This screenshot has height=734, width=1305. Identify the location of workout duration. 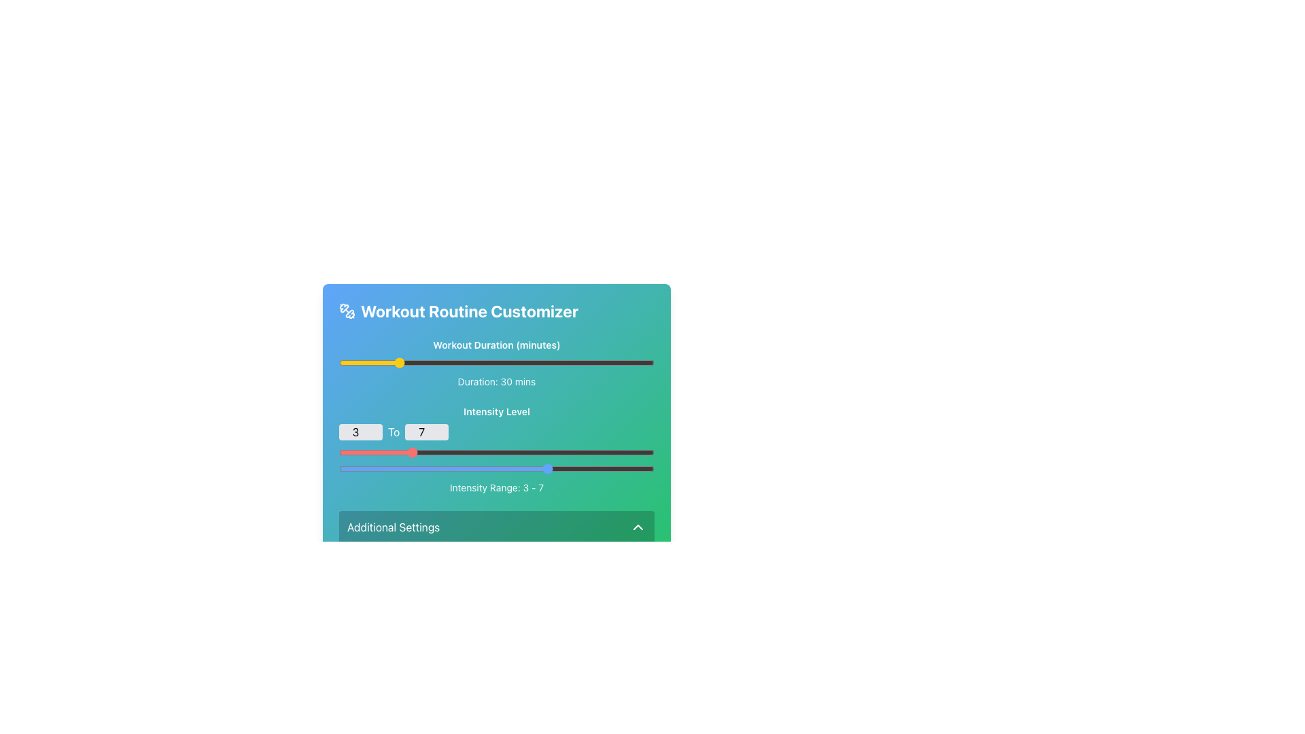
(636, 362).